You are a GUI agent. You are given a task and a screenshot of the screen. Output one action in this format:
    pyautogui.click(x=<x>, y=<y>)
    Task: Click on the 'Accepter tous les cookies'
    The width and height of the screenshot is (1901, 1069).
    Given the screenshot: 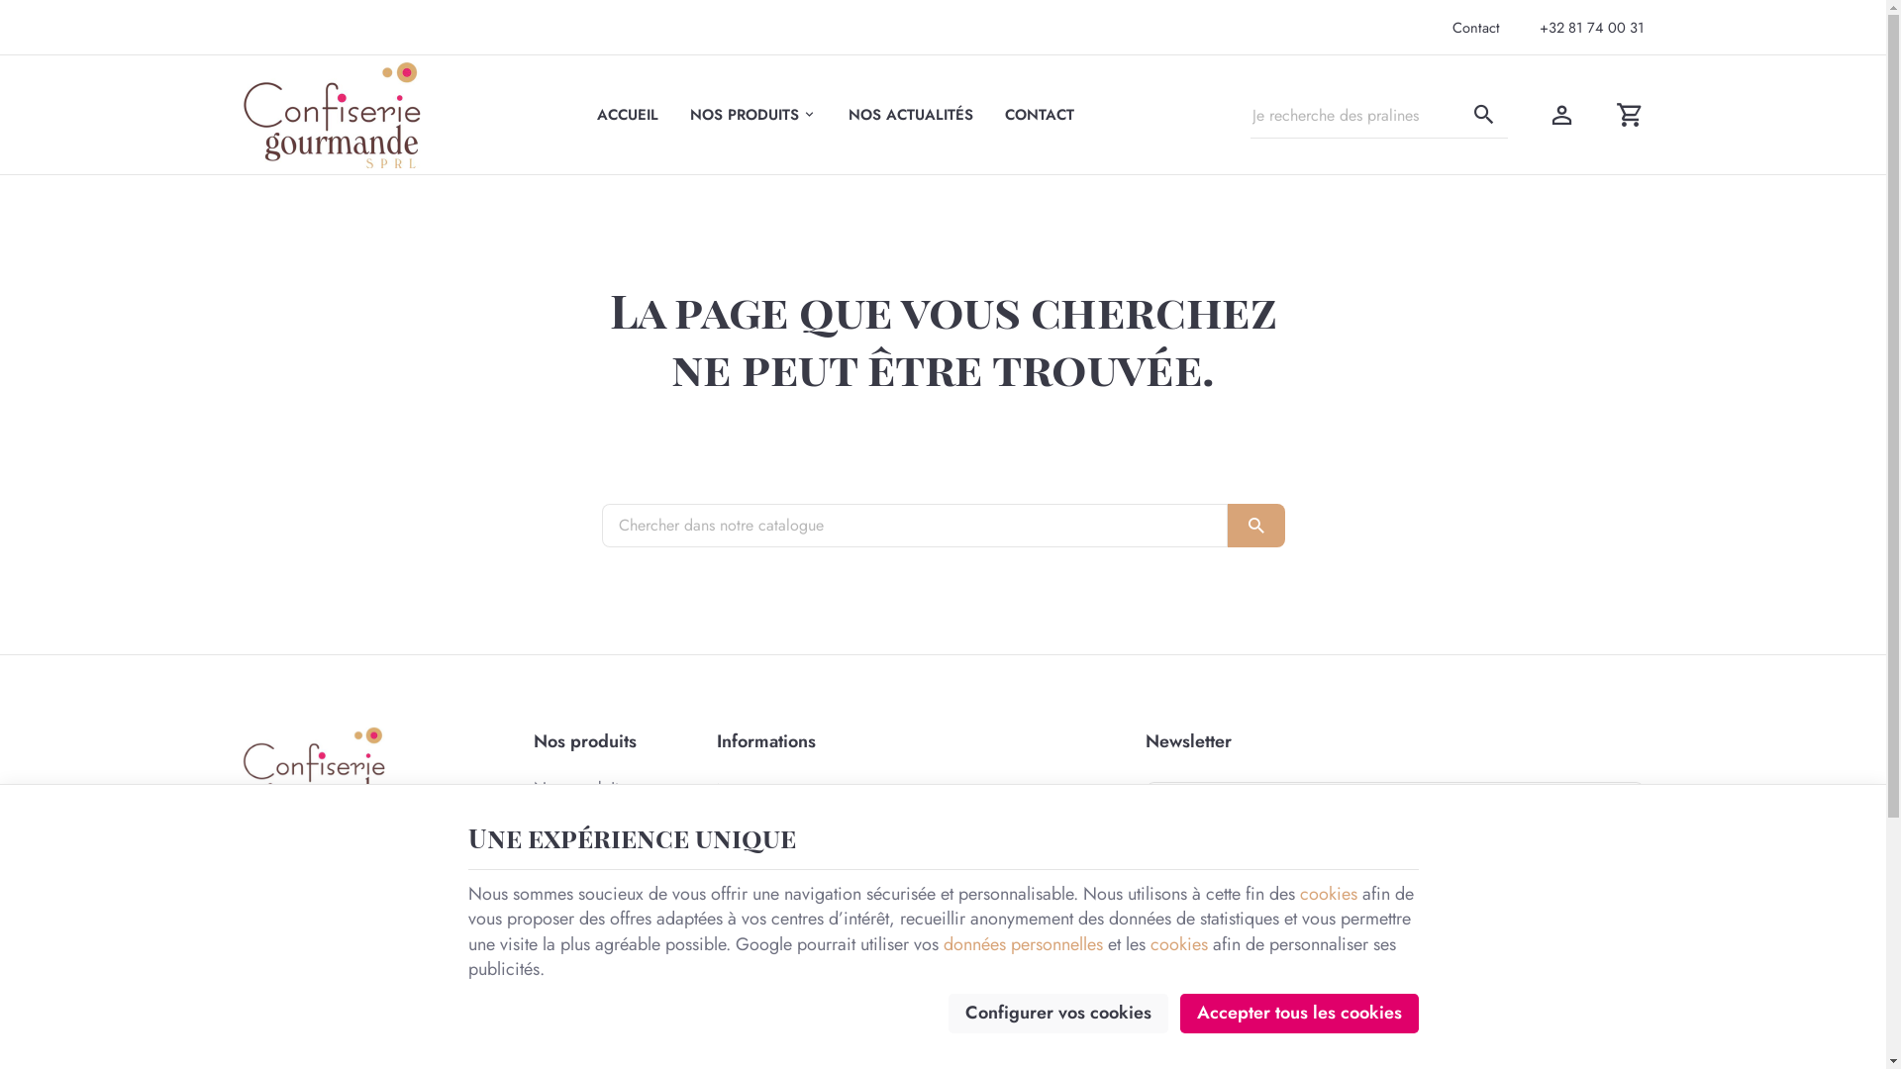 What is the action you would take?
    pyautogui.click(x=1299, y=1013)
    